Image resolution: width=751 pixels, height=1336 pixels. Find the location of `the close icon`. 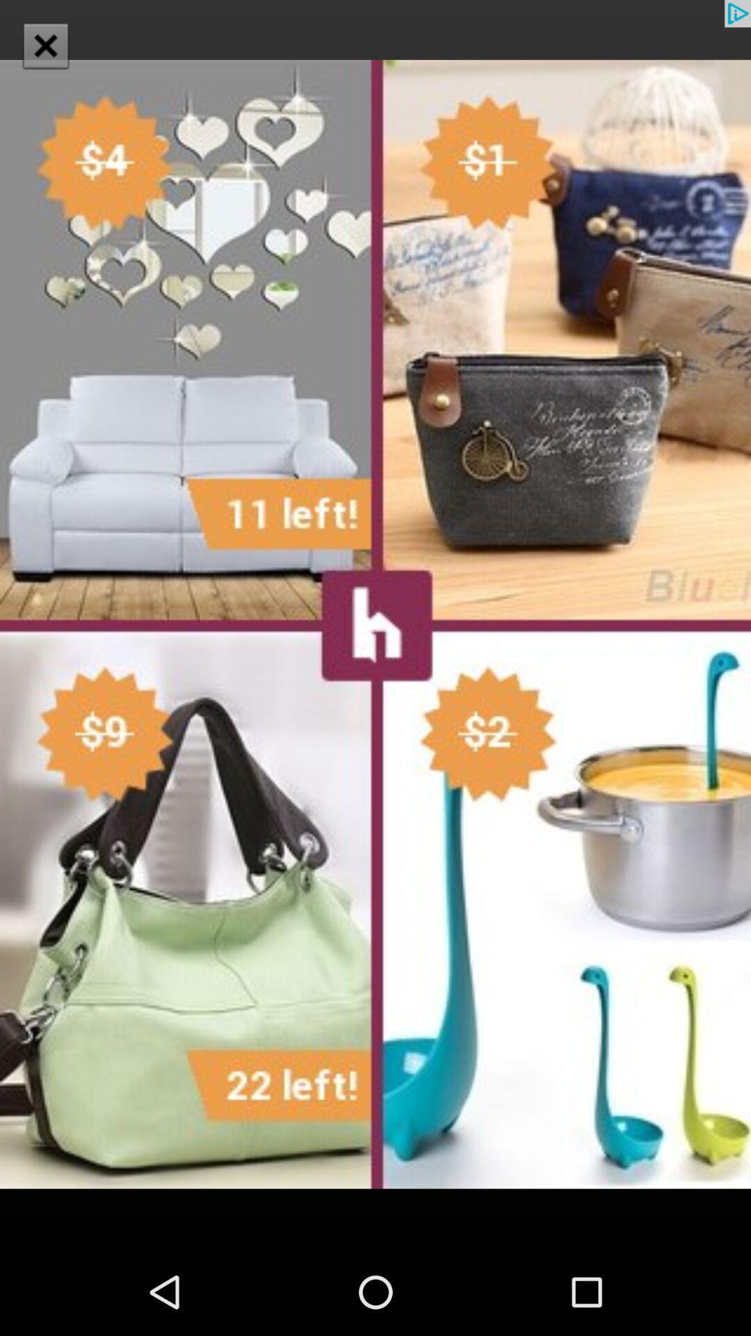

the close icon is located at coordinates (45, 49).